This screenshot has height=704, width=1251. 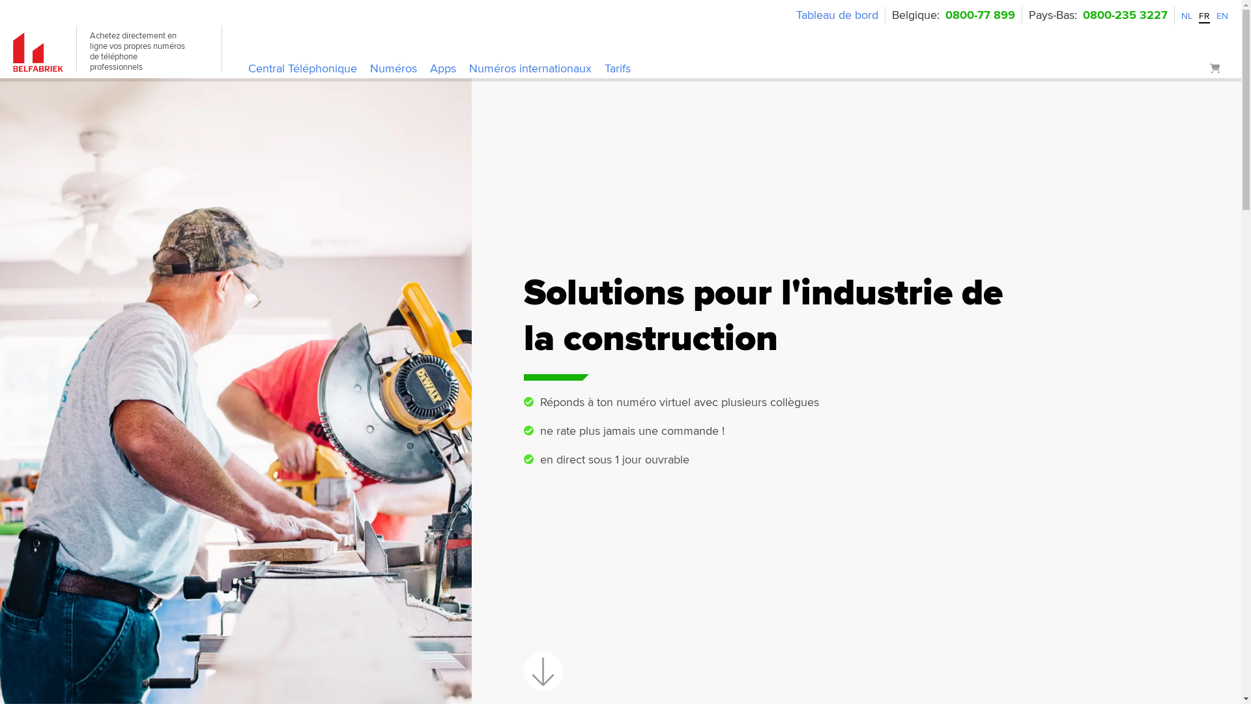 What do you see at coordinates (1203, 16) in the screenshot?
I see `'FR'` at bounding box center [1203, 16].